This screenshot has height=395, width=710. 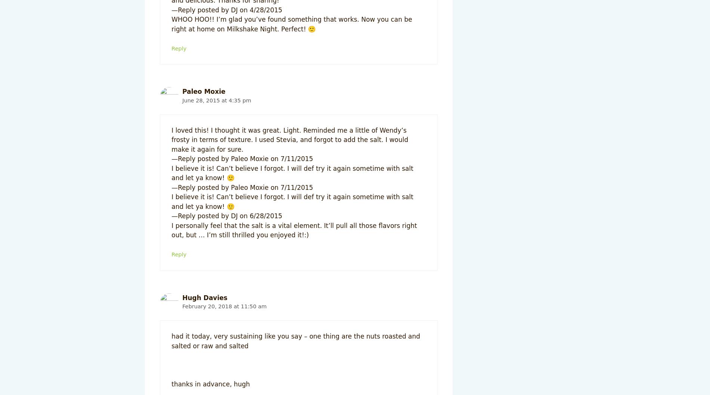 What do you see at coordinates (204, 91) in the screenshot?
I see `'Paleo Moxie'` at bounding box center [204, 91].